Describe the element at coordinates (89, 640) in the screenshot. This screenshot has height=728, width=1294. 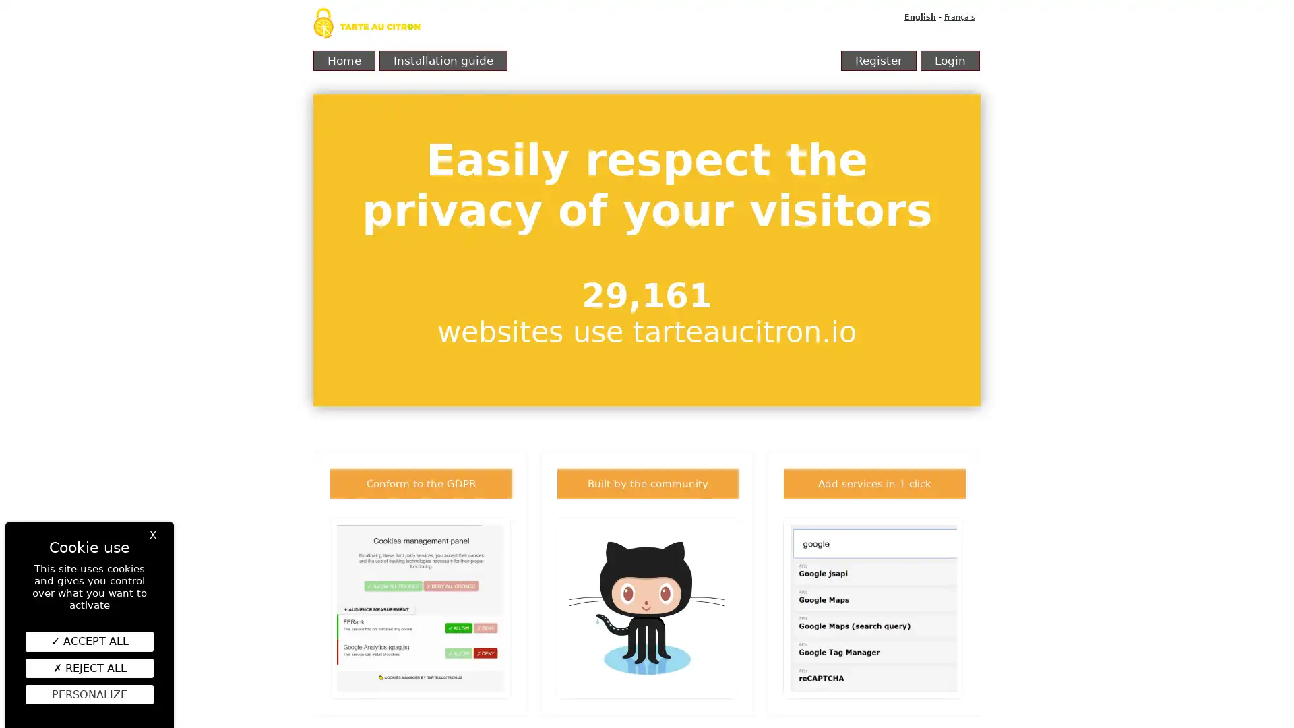
I see `ACCEPT ALL` at that location.